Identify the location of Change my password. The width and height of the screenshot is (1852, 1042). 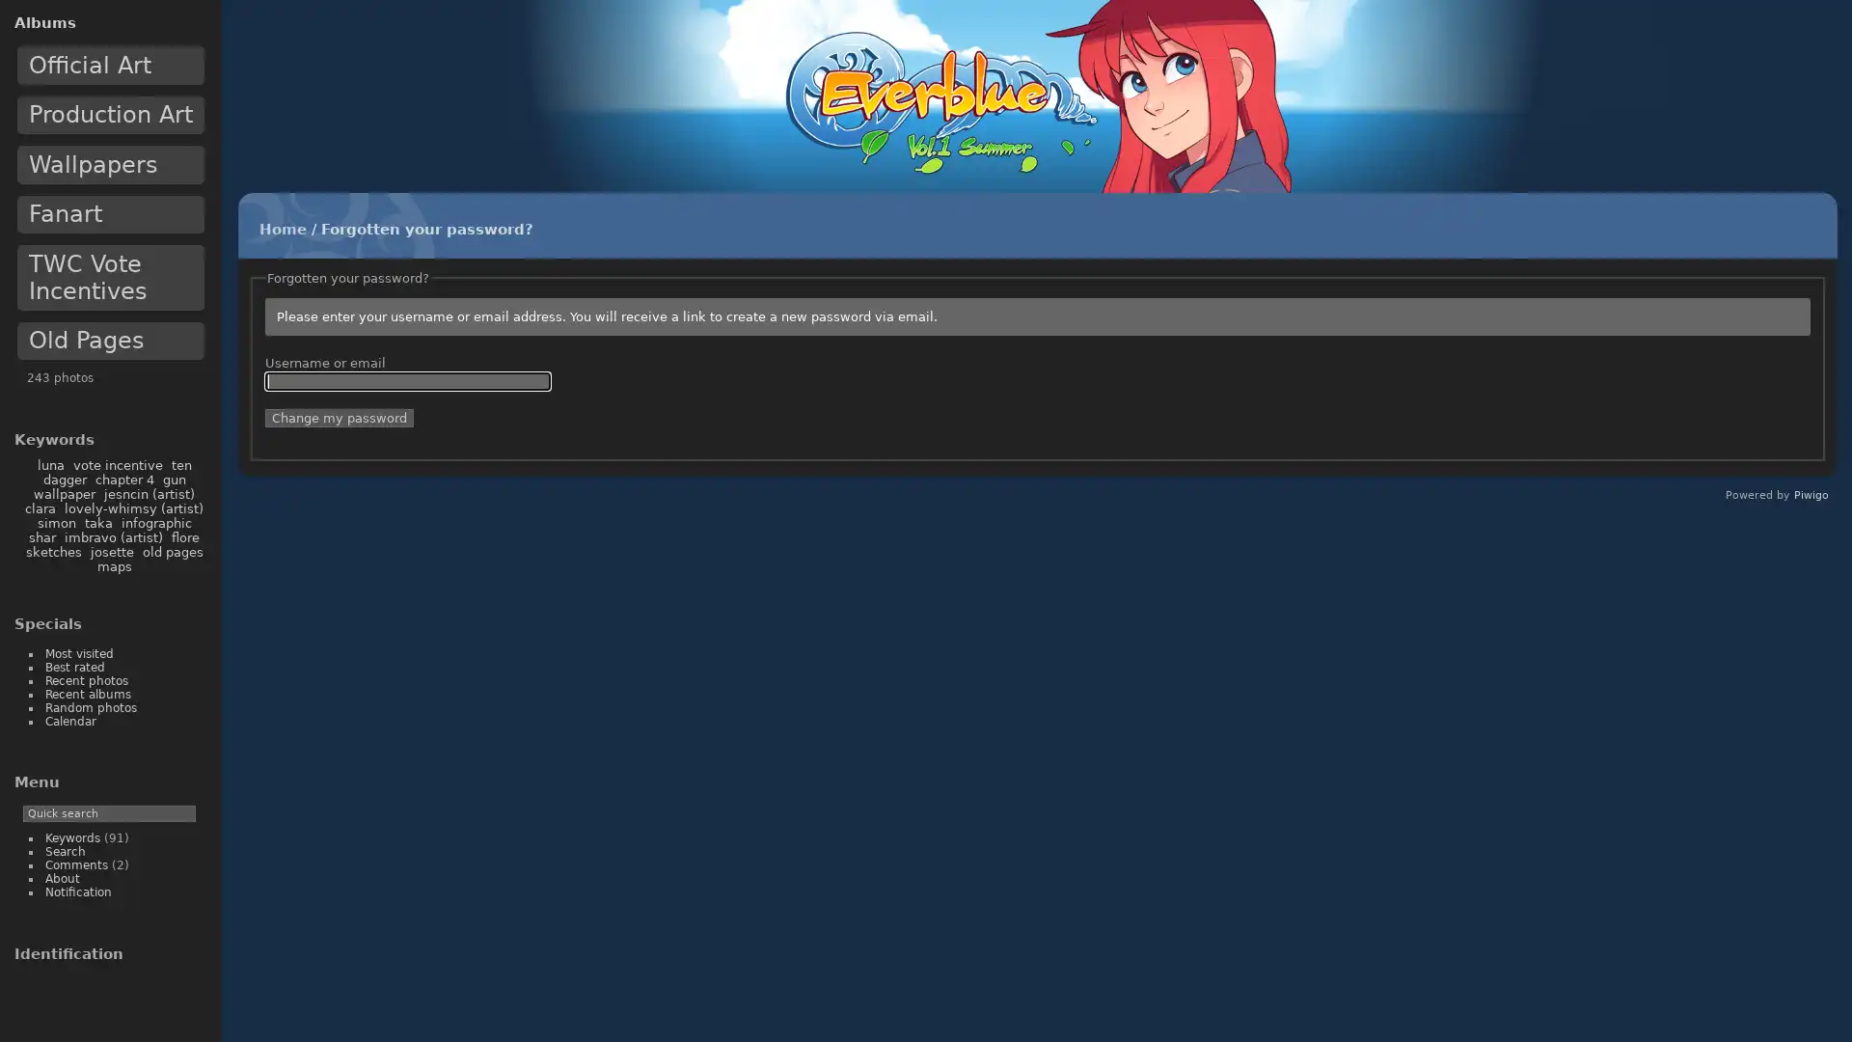
(338, 417).